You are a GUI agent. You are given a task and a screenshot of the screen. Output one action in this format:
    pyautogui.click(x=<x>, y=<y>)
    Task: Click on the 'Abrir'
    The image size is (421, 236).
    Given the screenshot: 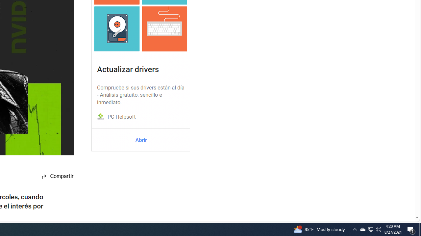 What is the action you would take?
    pyautogui.click(x=140, y=140)
    